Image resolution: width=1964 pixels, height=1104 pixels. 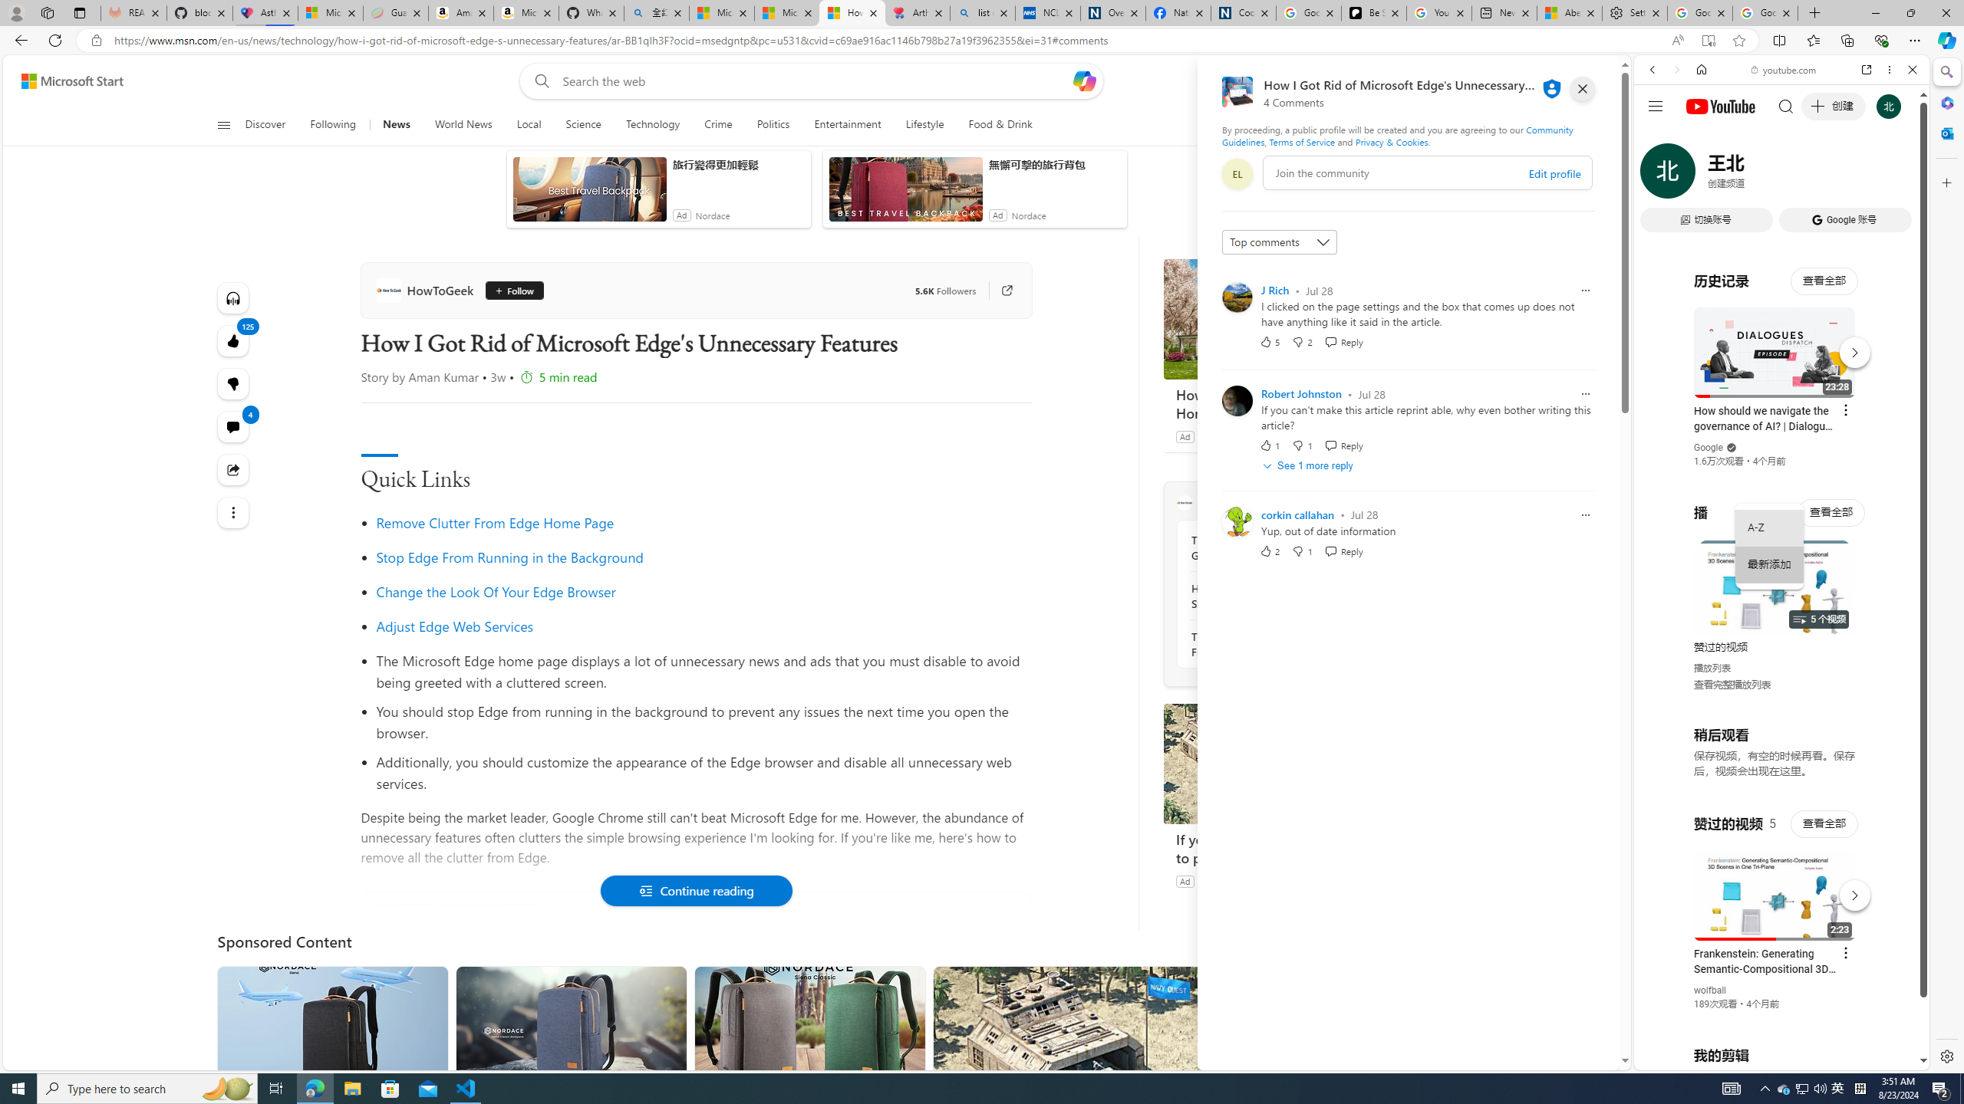 I want to click on 'Open link in new tab', so click(x=1867, y=68).